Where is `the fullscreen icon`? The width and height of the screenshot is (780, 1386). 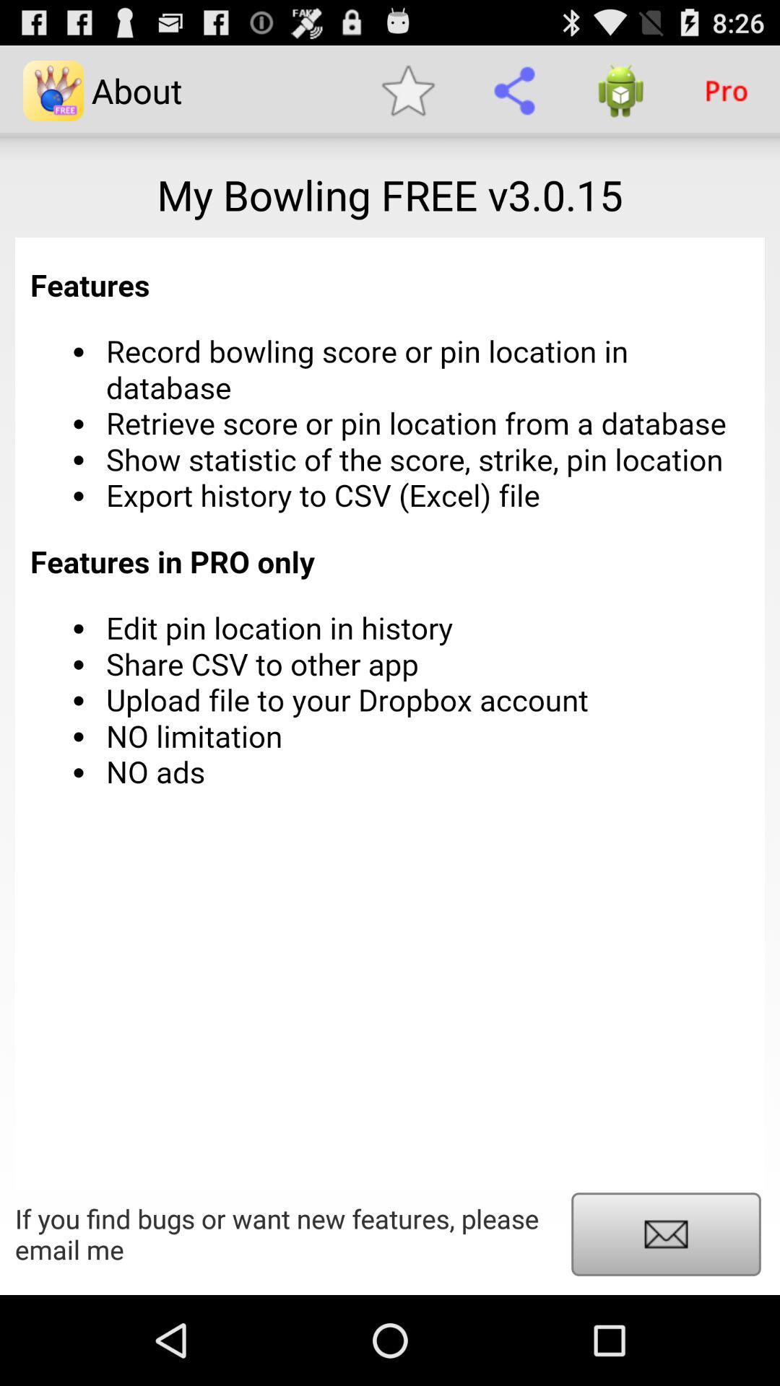
the fullscreen icon is located at coordinates (666, 1321).